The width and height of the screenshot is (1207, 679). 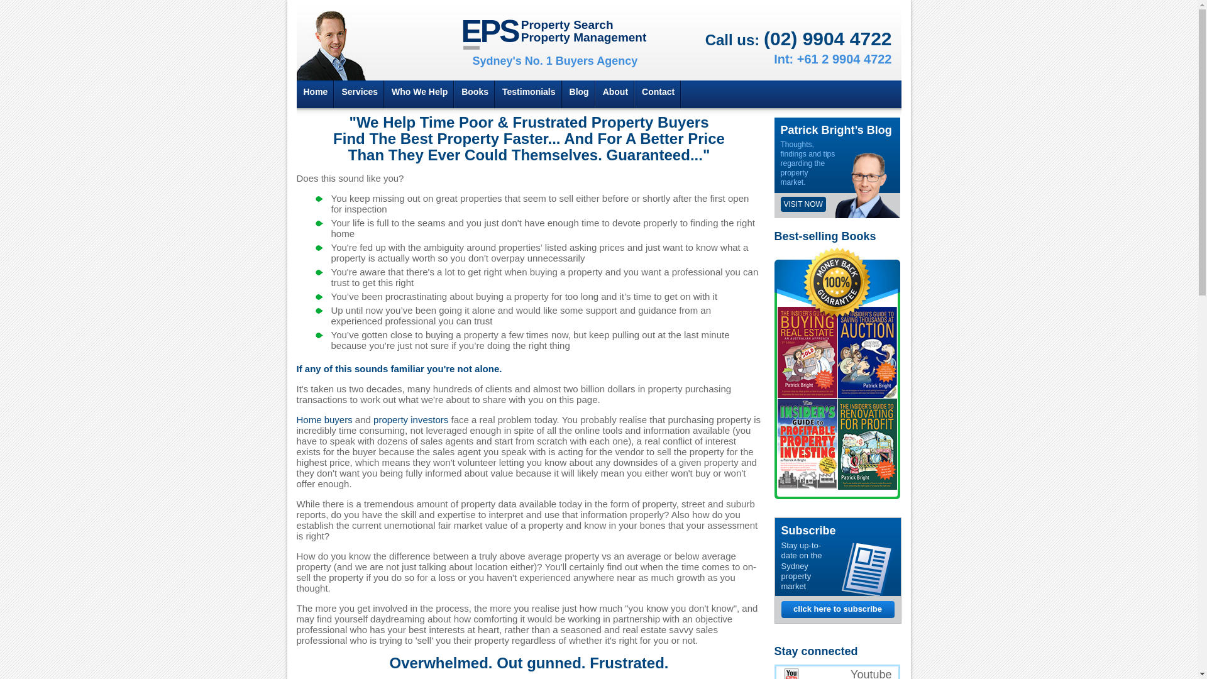 What do you see at coordinates (358, 94) in the screenshot?
I see `'Services'` at bounding box center [358, 94].